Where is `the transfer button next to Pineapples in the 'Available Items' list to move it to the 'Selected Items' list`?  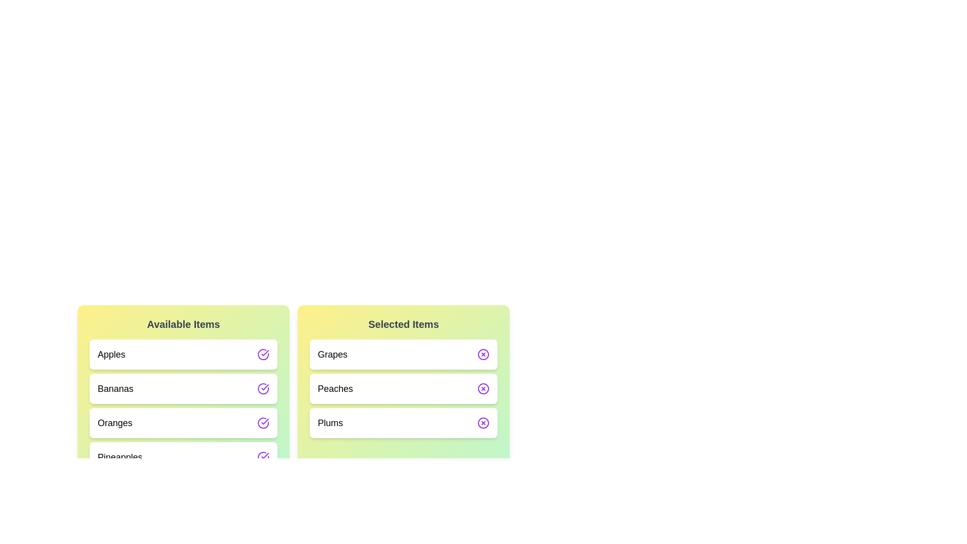
the transfer button next to Pineapples in the 'Available Items' list to move it to the 'Selected Items' list is located at coordinates (263, 457).